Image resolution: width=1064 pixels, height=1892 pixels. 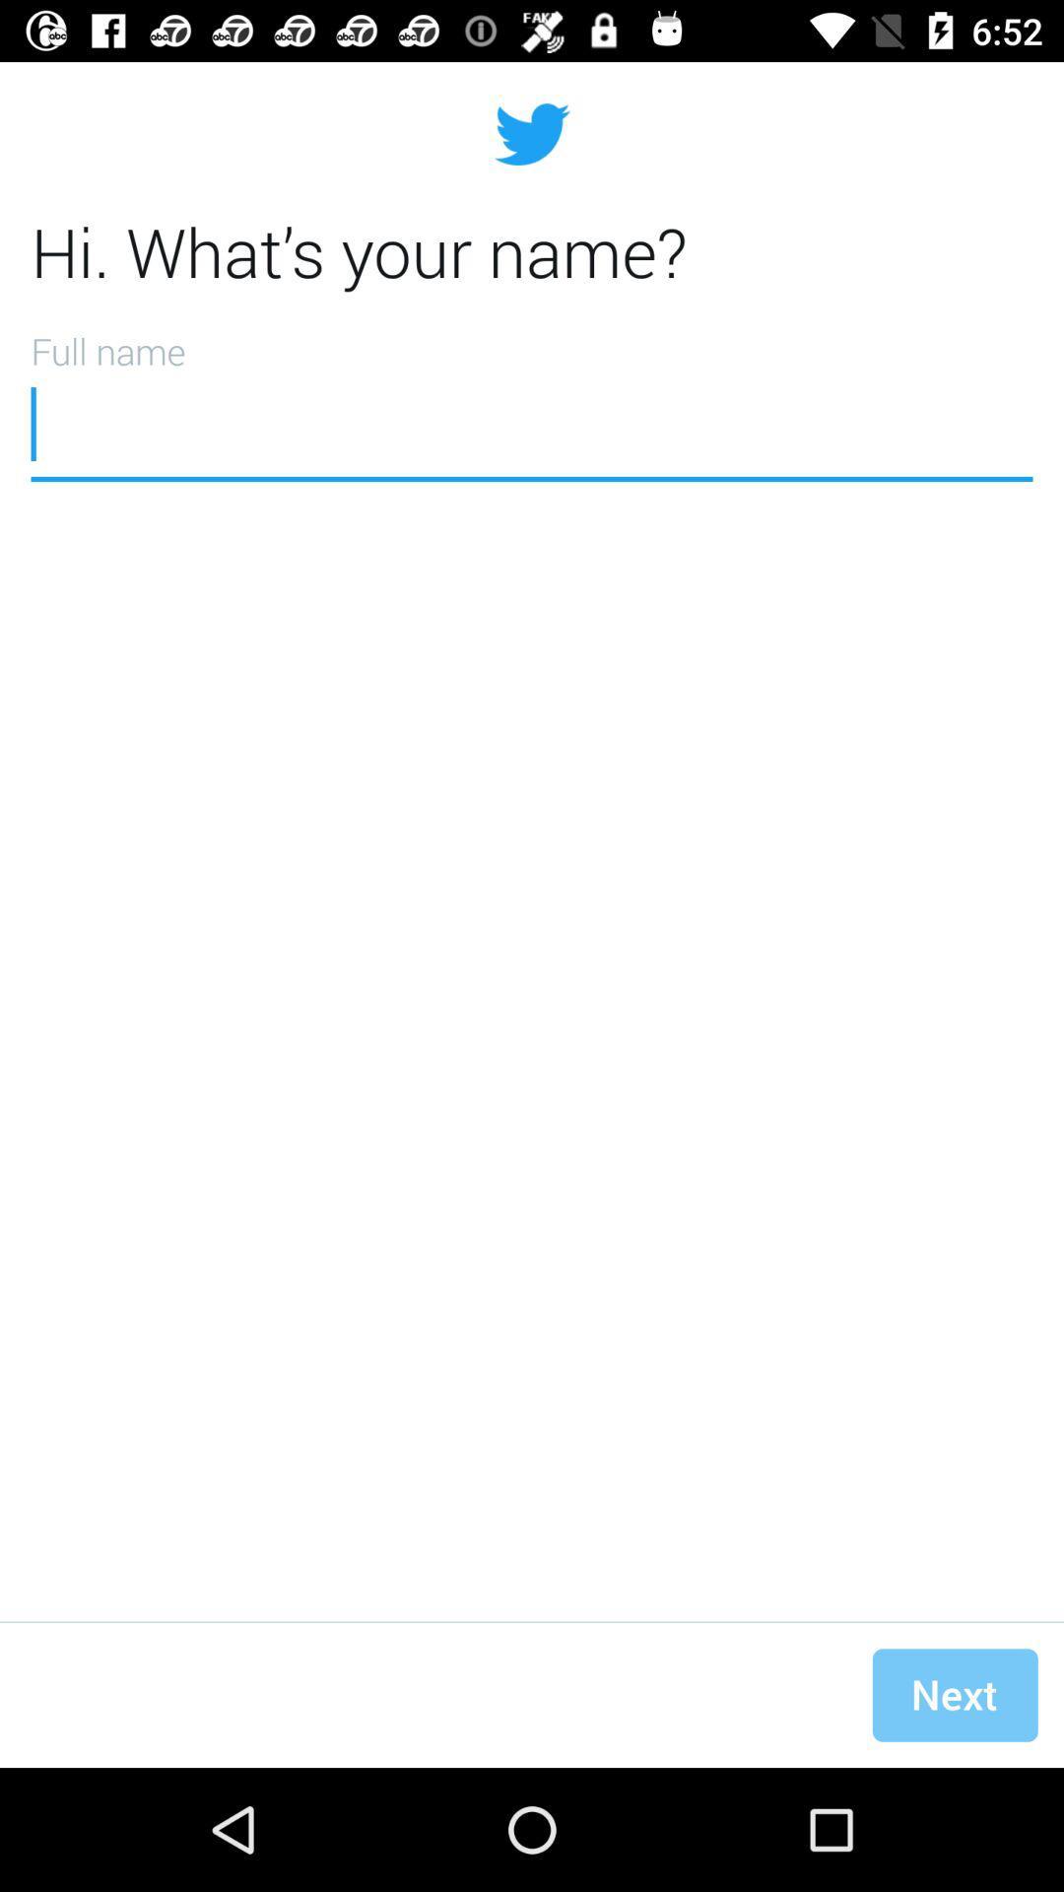 What do you see at coordinates (532, 398) in the screenshot?
I see `write your name` at bounding box center [532, 398].